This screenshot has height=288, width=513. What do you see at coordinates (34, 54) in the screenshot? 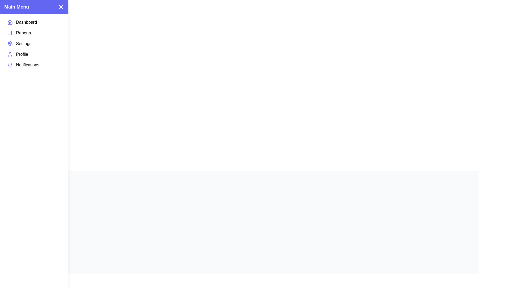
I see `the 'Profile' menu item, the fourth item in the sidebar menu` at bounding box center [34, 54].